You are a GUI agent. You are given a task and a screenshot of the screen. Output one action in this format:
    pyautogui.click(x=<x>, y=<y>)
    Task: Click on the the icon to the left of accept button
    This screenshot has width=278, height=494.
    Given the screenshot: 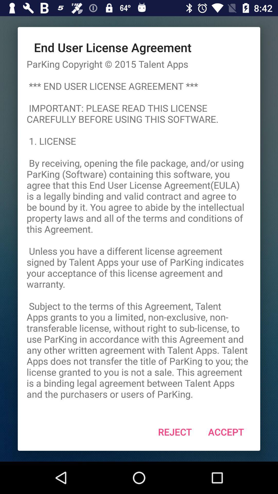 What is the action you would take?
    pyautogui.click(x=175, y=432)
    